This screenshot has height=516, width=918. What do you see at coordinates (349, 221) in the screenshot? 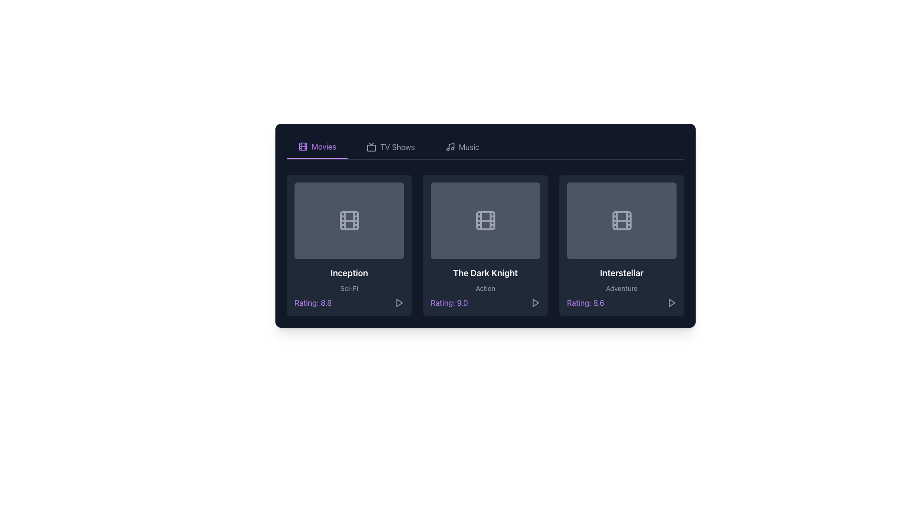
I see `the movie icon for 'Inception', which is centered within the first tile of media items, to gather information about the content` at bounding box center [349, 221].